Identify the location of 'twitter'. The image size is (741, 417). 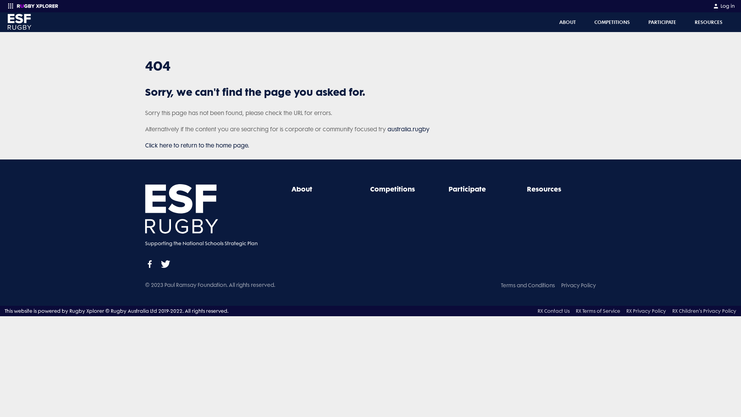
(165, 263).